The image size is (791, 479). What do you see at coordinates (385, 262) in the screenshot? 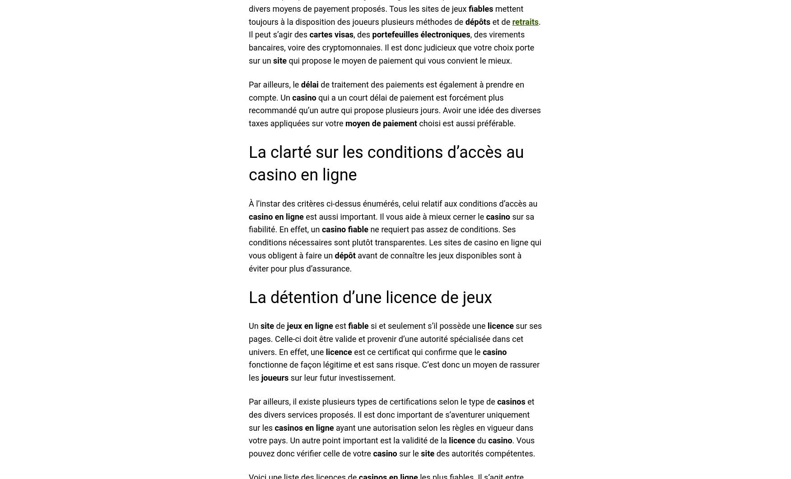
I see `'avant de connaître les jeux disponibles sont à éviter pour plus d’assurance.'` at bounding box center [385, 262].